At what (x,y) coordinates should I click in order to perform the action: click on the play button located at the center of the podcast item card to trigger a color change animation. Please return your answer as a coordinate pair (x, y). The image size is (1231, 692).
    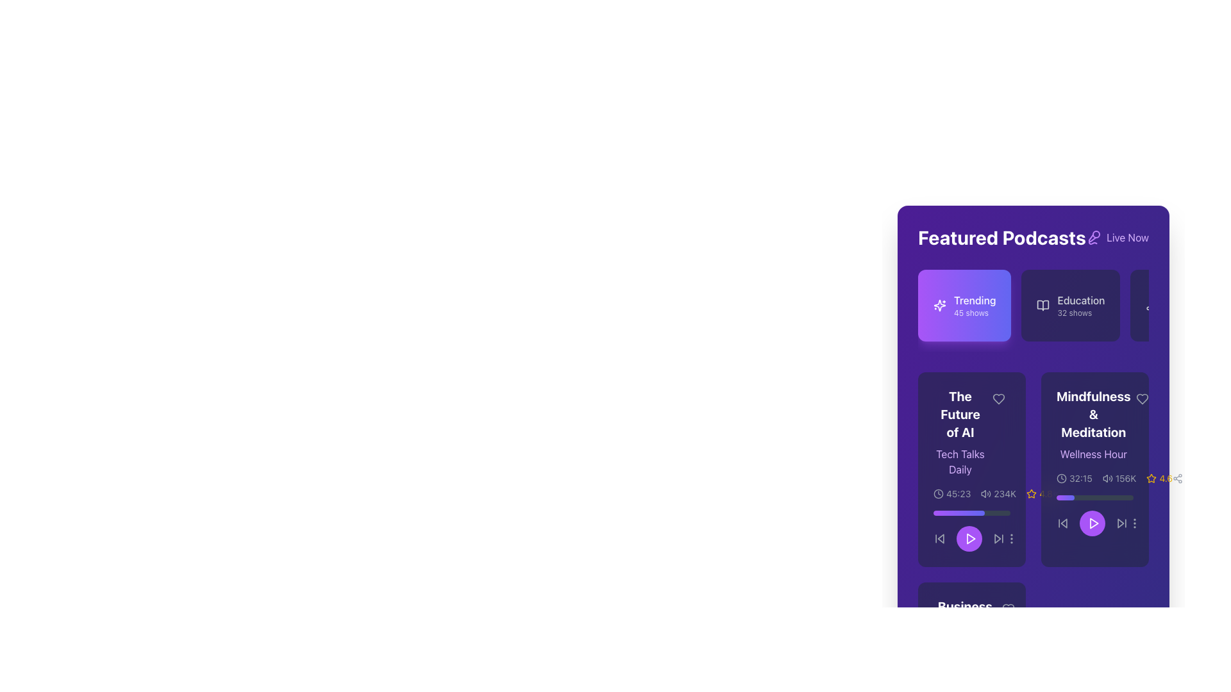
    Looking at the image, I should click on (969, 538).